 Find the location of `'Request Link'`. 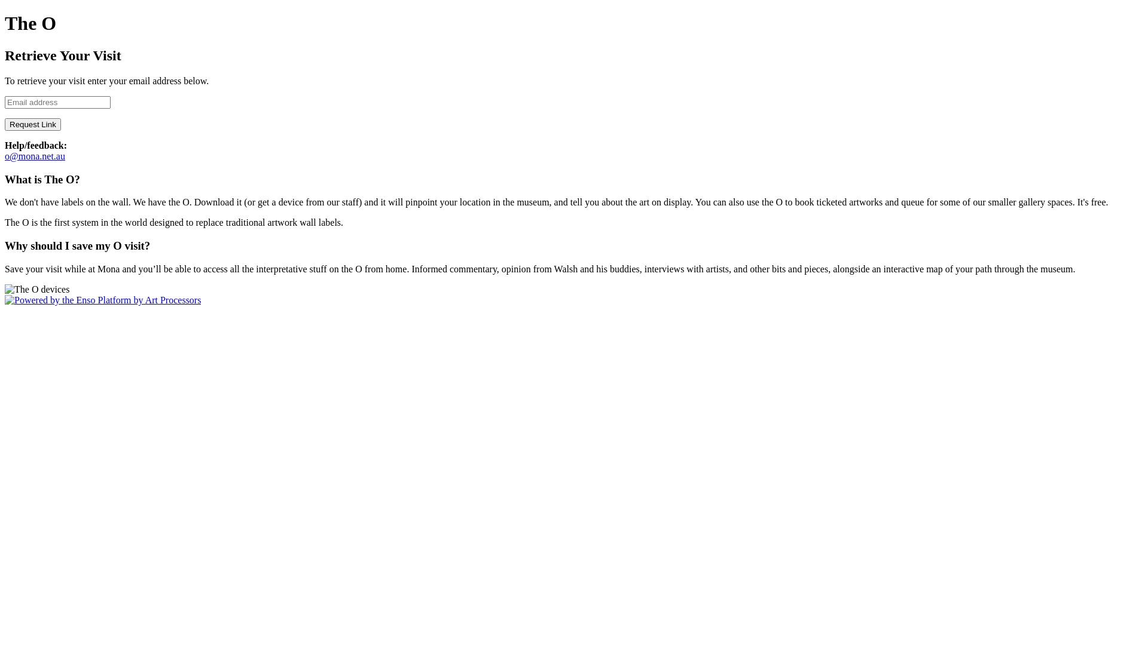

'Request Link' is located at coordinates (32, 124).